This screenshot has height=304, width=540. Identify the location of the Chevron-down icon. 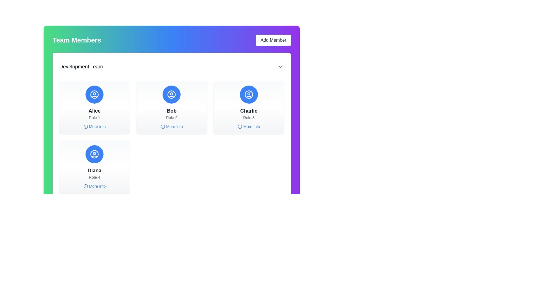
(281, 66).